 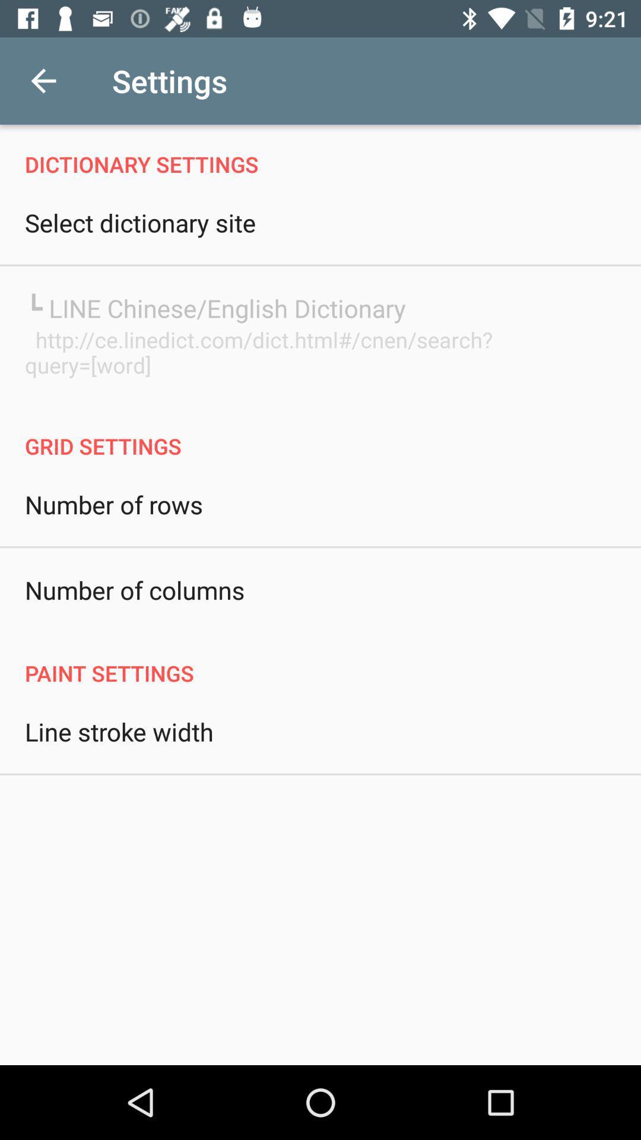 I want to click on item to the left of settings, so click(x=43, y=80).